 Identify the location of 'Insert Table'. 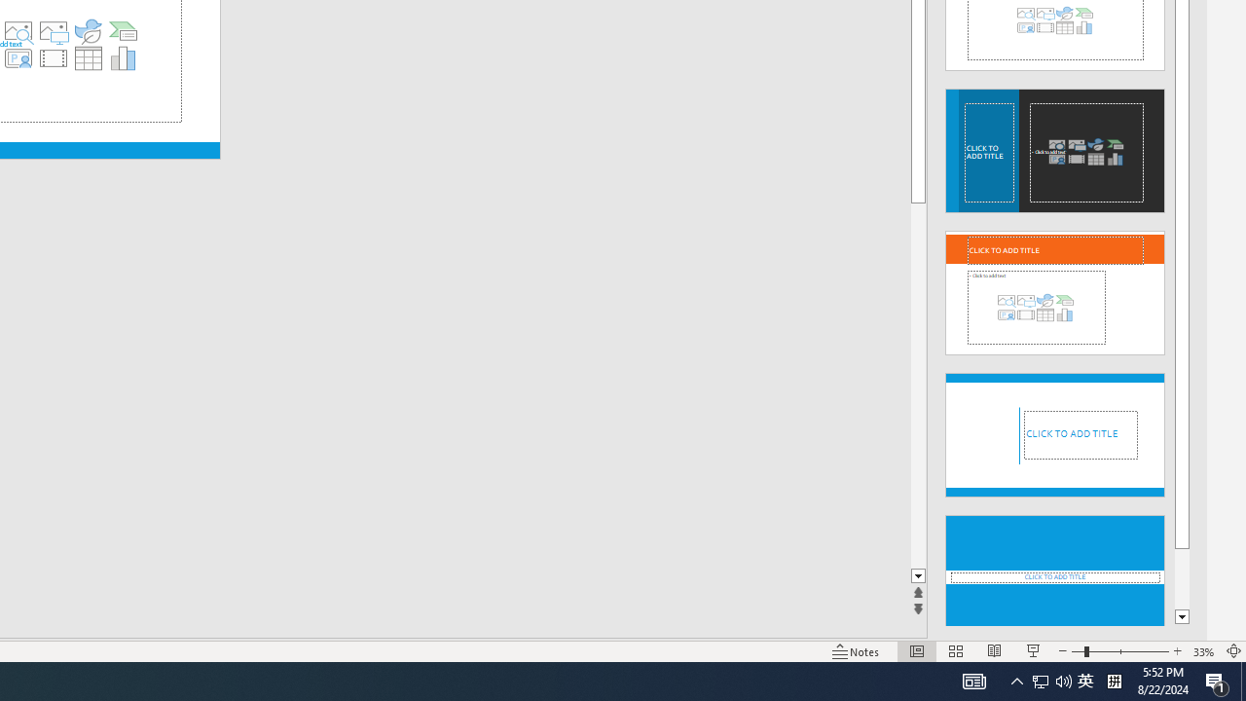
(88, 57).